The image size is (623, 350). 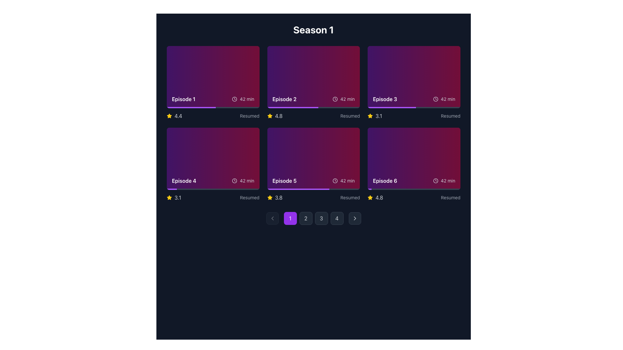 What do you see at coordinates (234, 181) in the screenshot?
I see `the circular SVG graphic that represents a clock icon, located to the right of the episode title in the description region of 'Episode 4' in the episode grid` at bounding box center [234, 181].